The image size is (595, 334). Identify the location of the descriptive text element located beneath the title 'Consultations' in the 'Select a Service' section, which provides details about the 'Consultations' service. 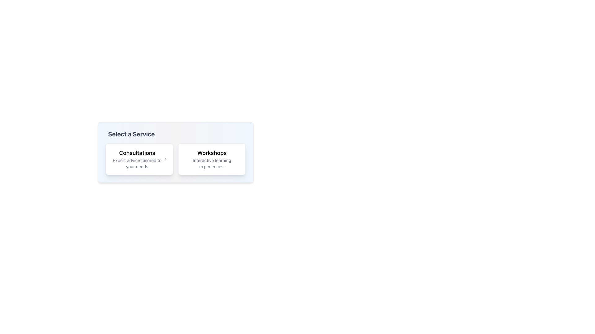
(137, 163).